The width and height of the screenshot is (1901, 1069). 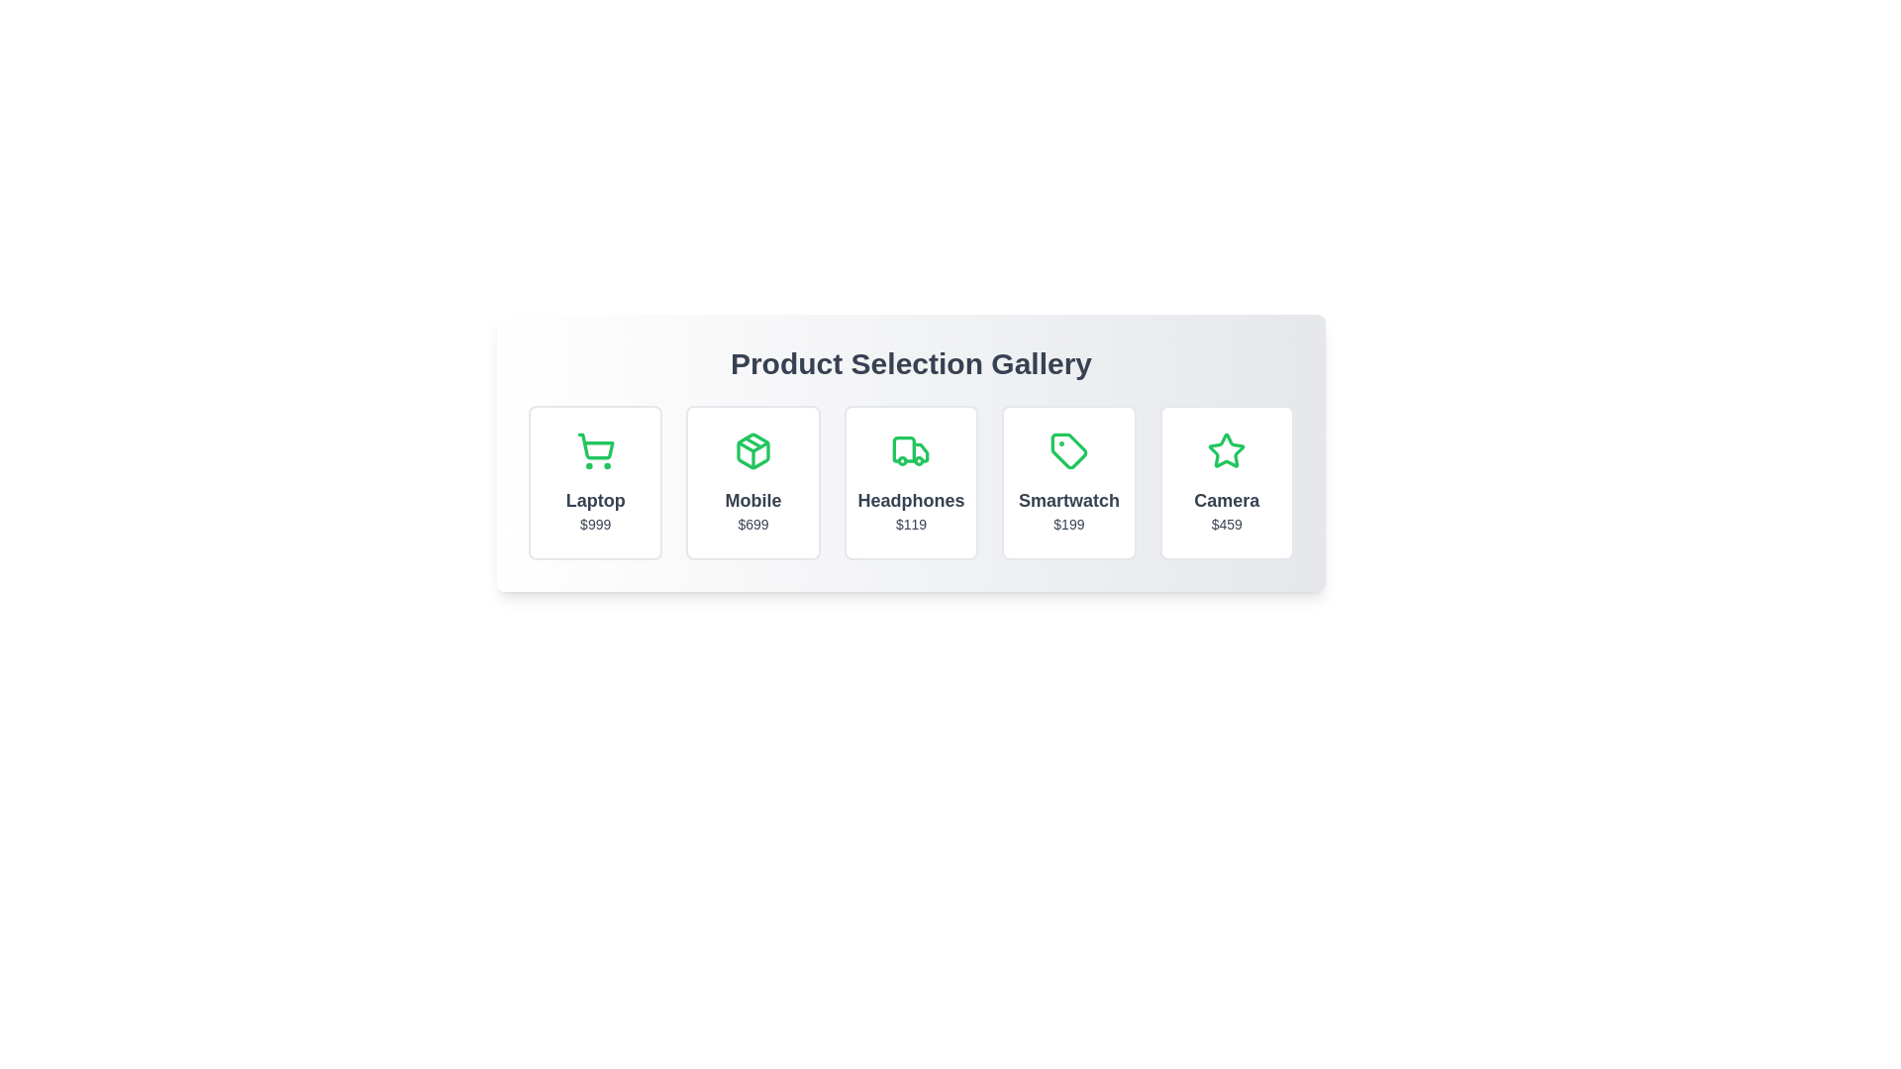 What do you see at coordinates (594, 510) in the screenshot?
I see `the text element providing descriptive and pricing information for the 'Laptop' product, specifically labeled with a price of '$999', located in the first card of the 'Product Selection Gallery' under the shopping cart icon` at bounding box center [594, 510].